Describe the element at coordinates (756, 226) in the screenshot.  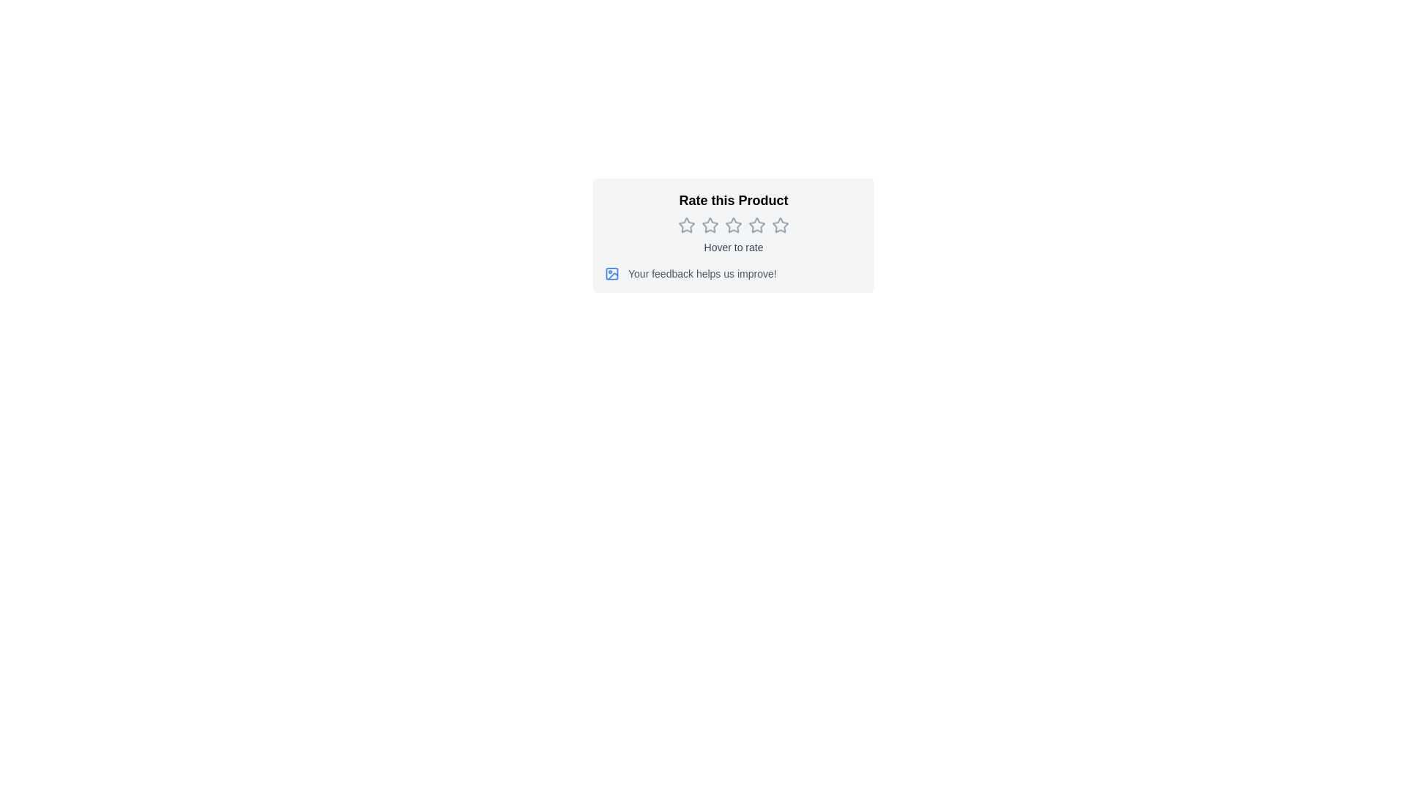
I see `the fourth star icon in the rating system` at that location.